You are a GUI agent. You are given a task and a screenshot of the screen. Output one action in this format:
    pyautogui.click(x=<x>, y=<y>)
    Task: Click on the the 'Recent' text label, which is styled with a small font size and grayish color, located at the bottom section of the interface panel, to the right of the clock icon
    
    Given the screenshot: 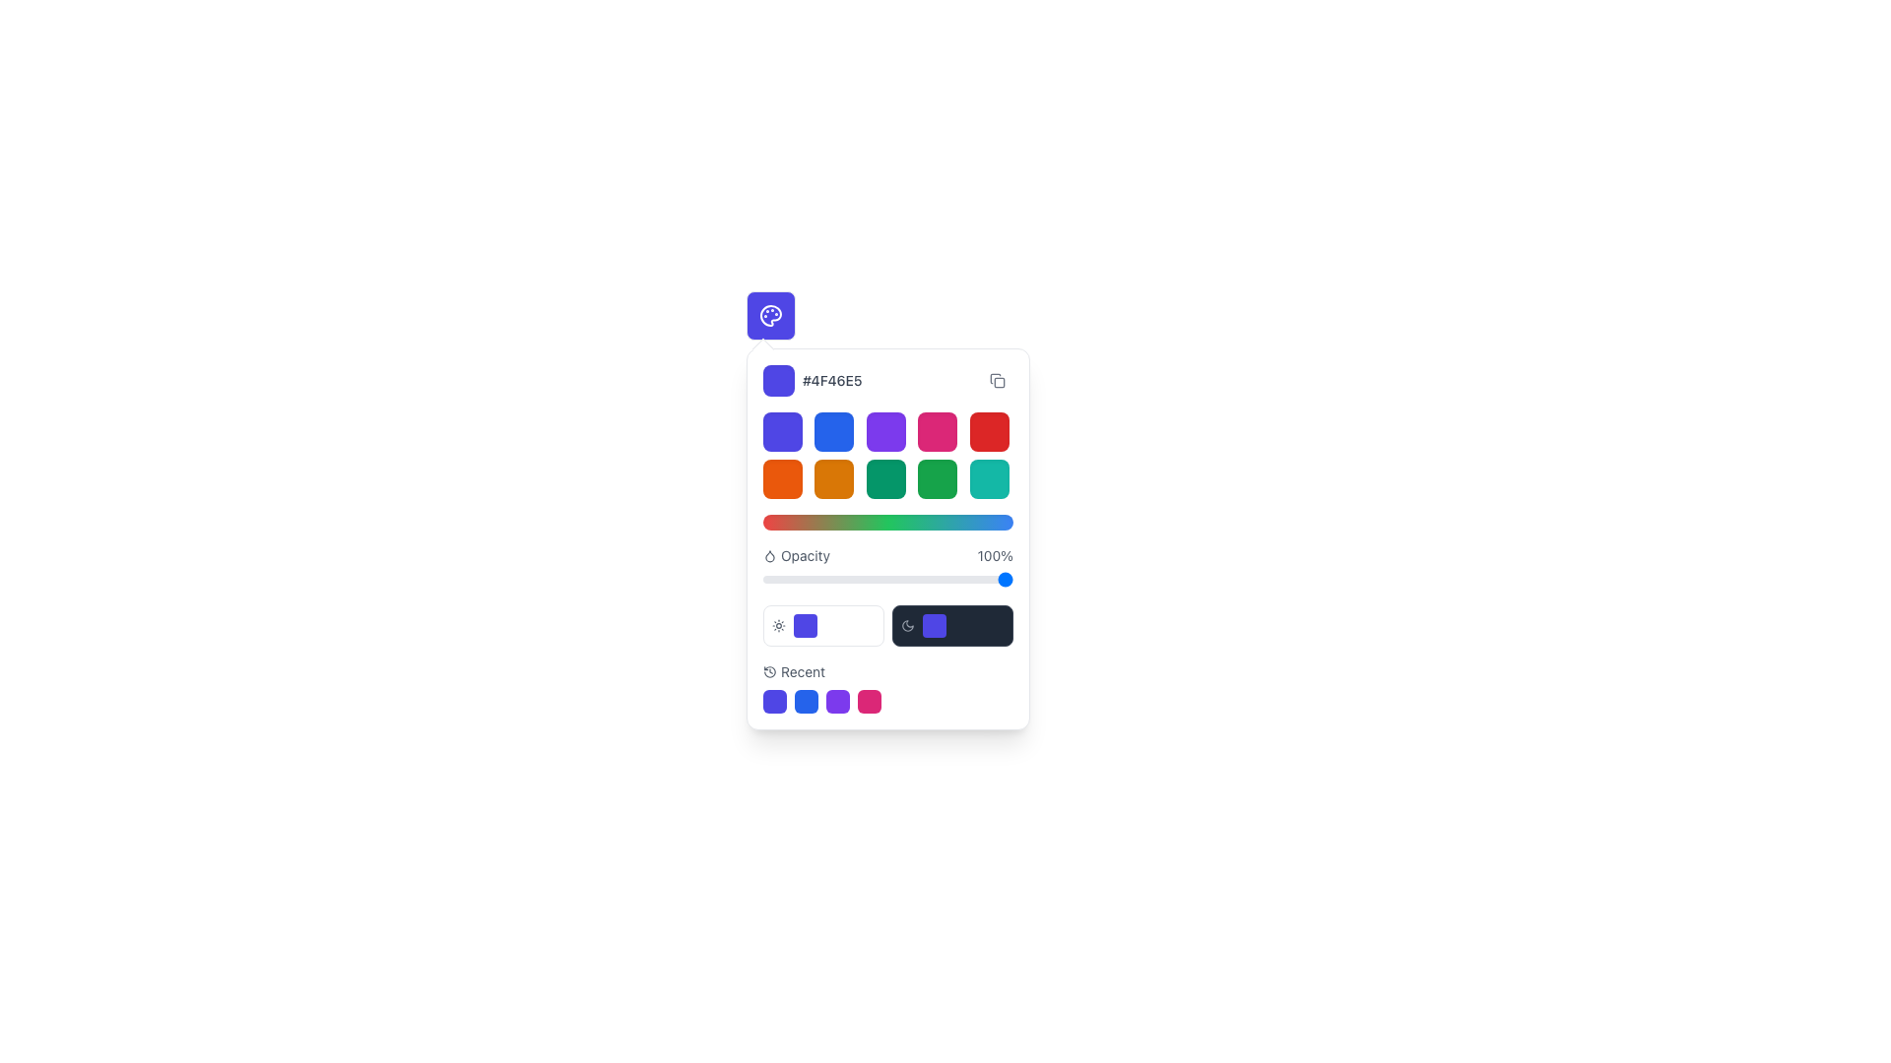 What is the action you would take?
    pyautogui.click(x=803, y=670)
    